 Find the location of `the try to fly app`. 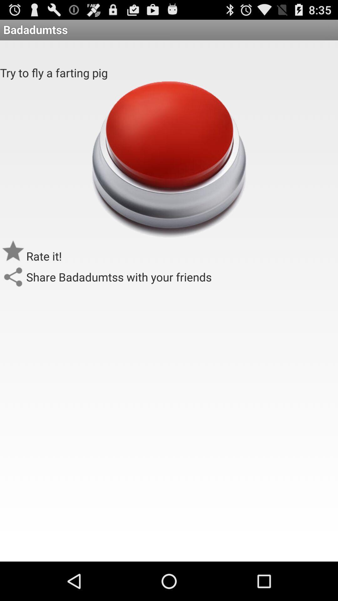

the try to fly app is located at coordinates (54, 73).